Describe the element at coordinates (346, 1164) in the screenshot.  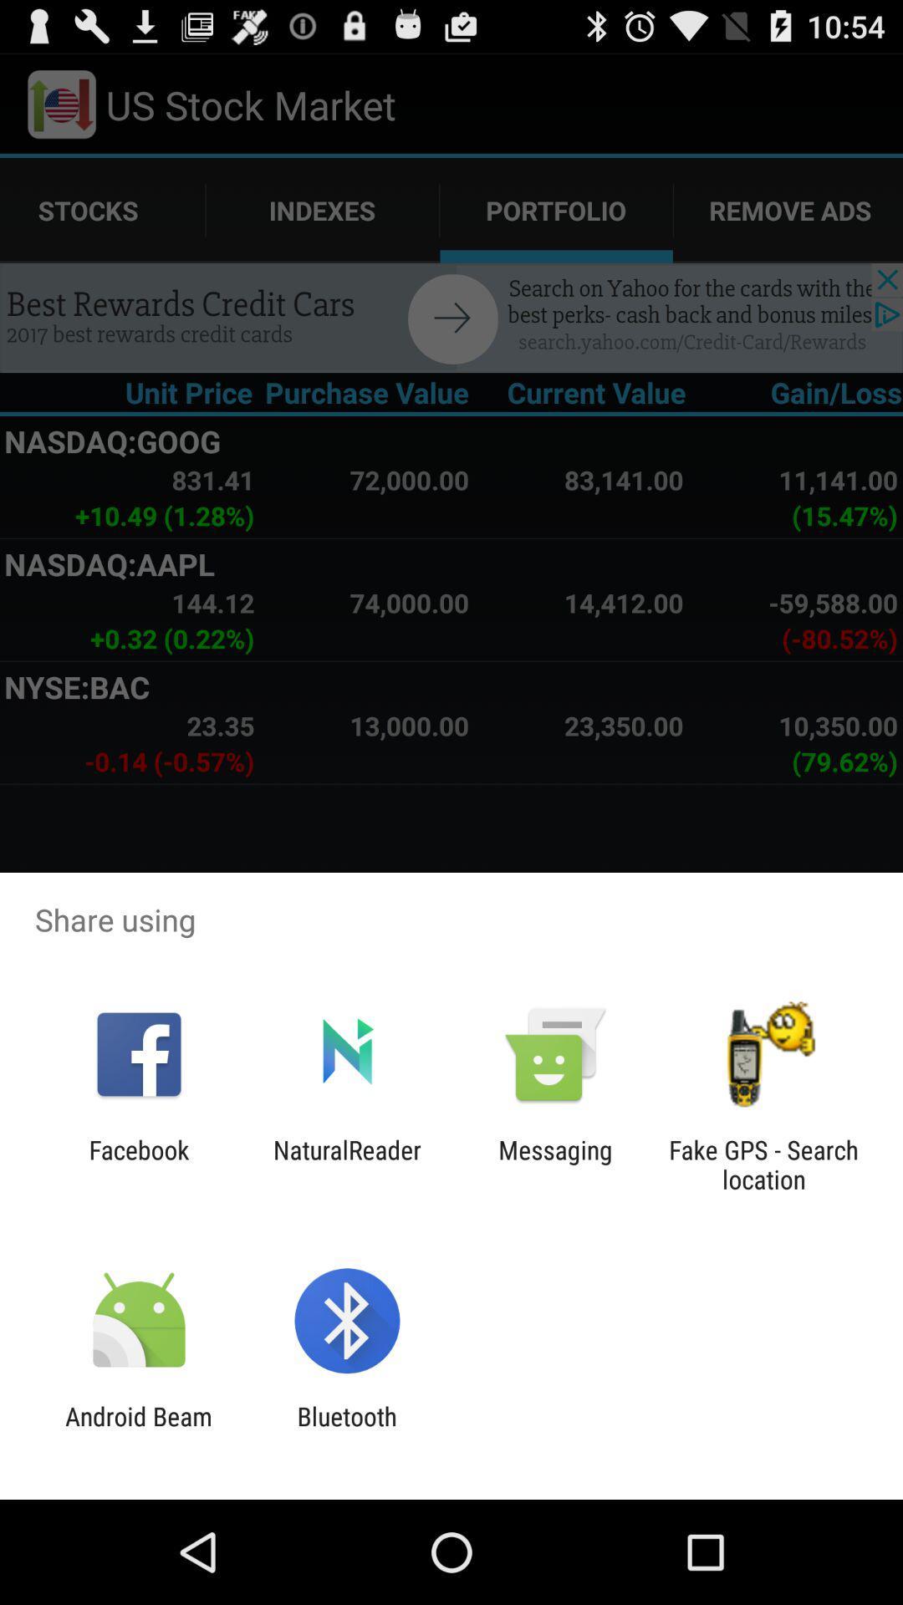
I see `icon next to the messaging icon` at that location.